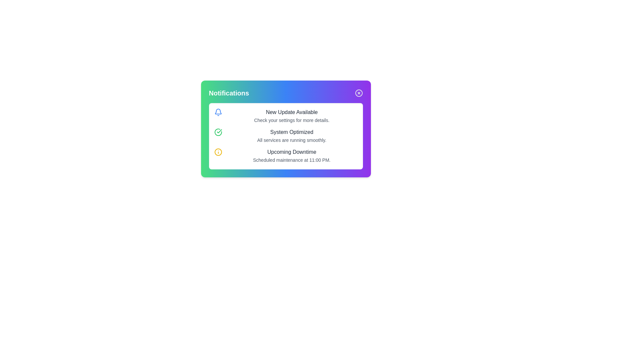 Image resolution: width=637 pixels, height=358 pixels. Describe the element at coordinates (218, 152) in the screenshot. I see `the circular area of the information symbol located at the center of the notification icon in the notification panel` at that location.